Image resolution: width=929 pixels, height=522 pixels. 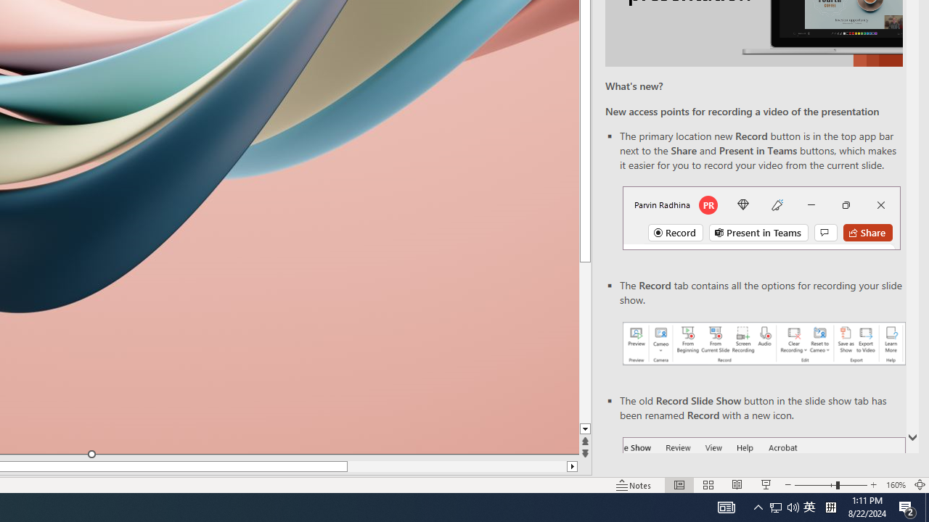 What do you see at coordinates (895, 485) in the screenshot?
I see `'Zoom 160%'` at bounding box center [895, 485].